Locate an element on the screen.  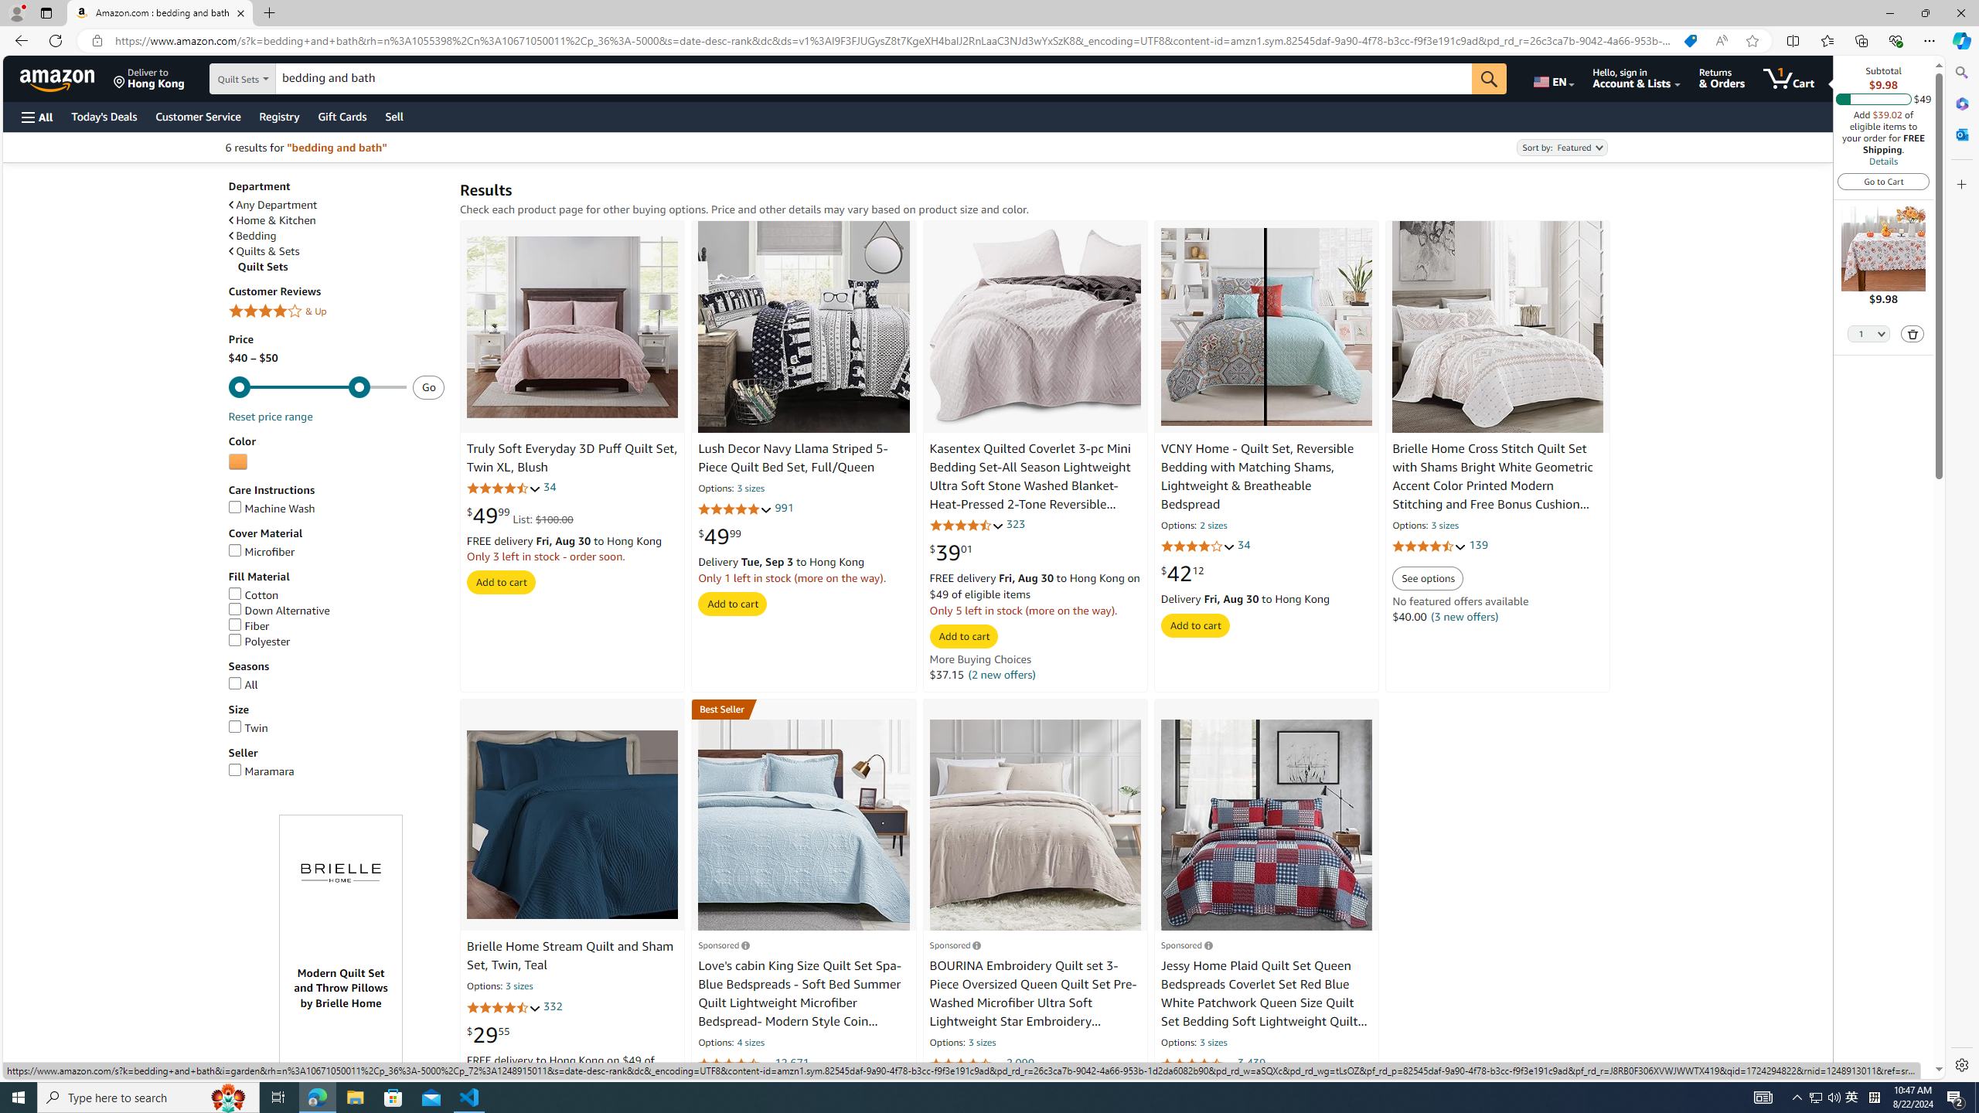
'Quantity Selector' is located at coordinates (1868, 332).